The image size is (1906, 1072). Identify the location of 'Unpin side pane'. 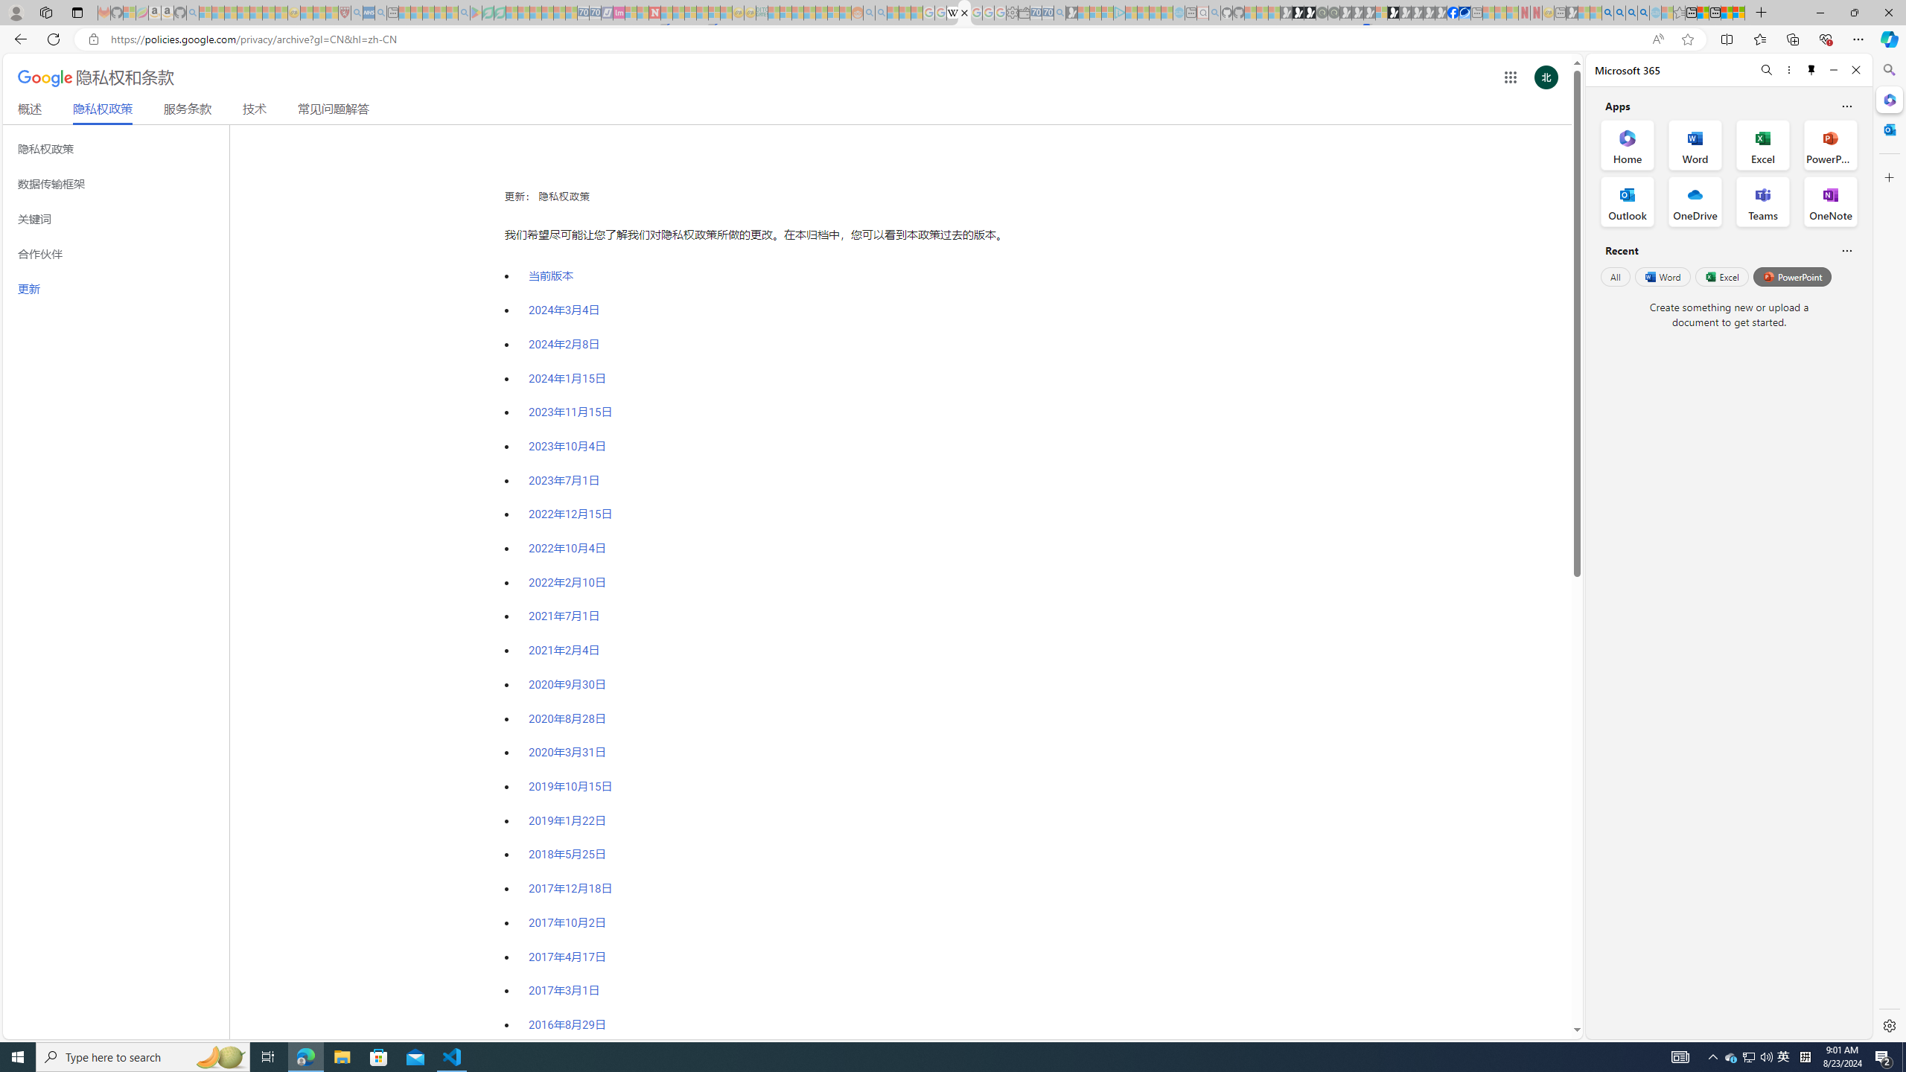
(1811, 69).